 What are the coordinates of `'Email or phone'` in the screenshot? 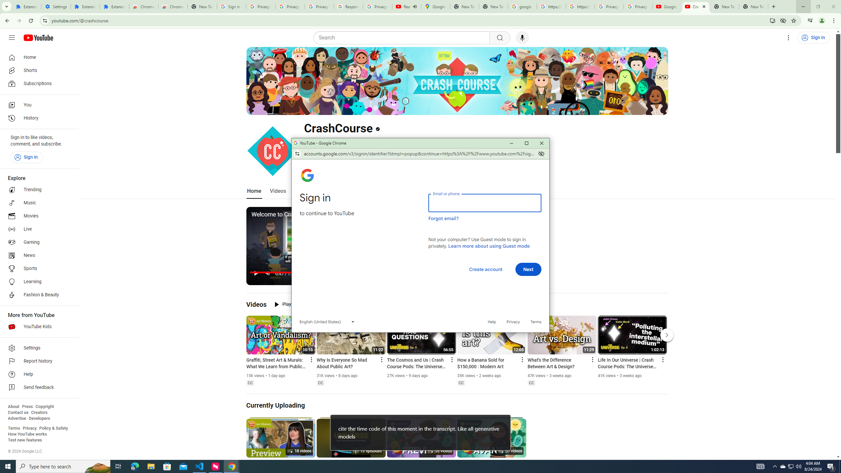 It's located at (485, 202).